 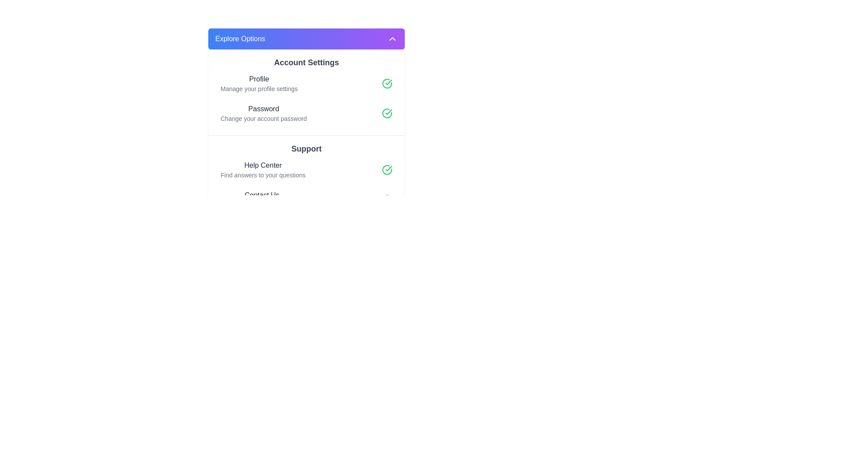 I want to click on the first list item in the 'Account Settings' section that allows access to profile-related settings, so click(x=307, y=84).